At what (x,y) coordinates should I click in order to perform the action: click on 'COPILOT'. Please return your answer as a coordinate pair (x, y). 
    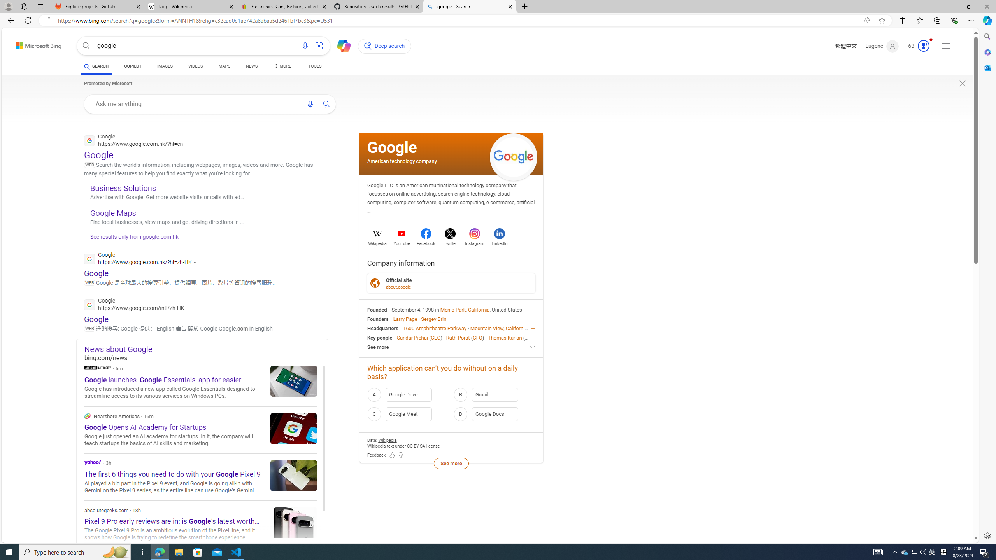
    Looking at the image, I should click on (132, 67).